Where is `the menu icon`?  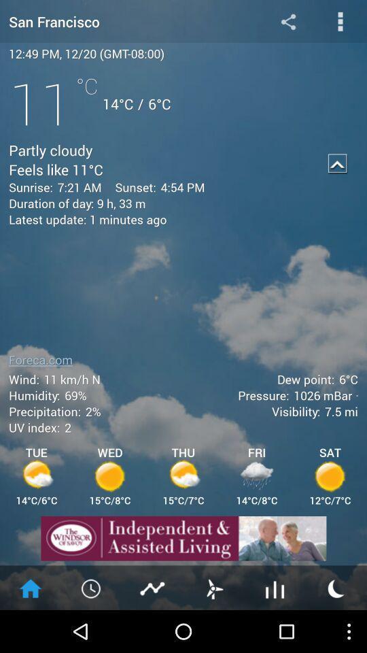 the menu icon is located at coordinates (275, 629).